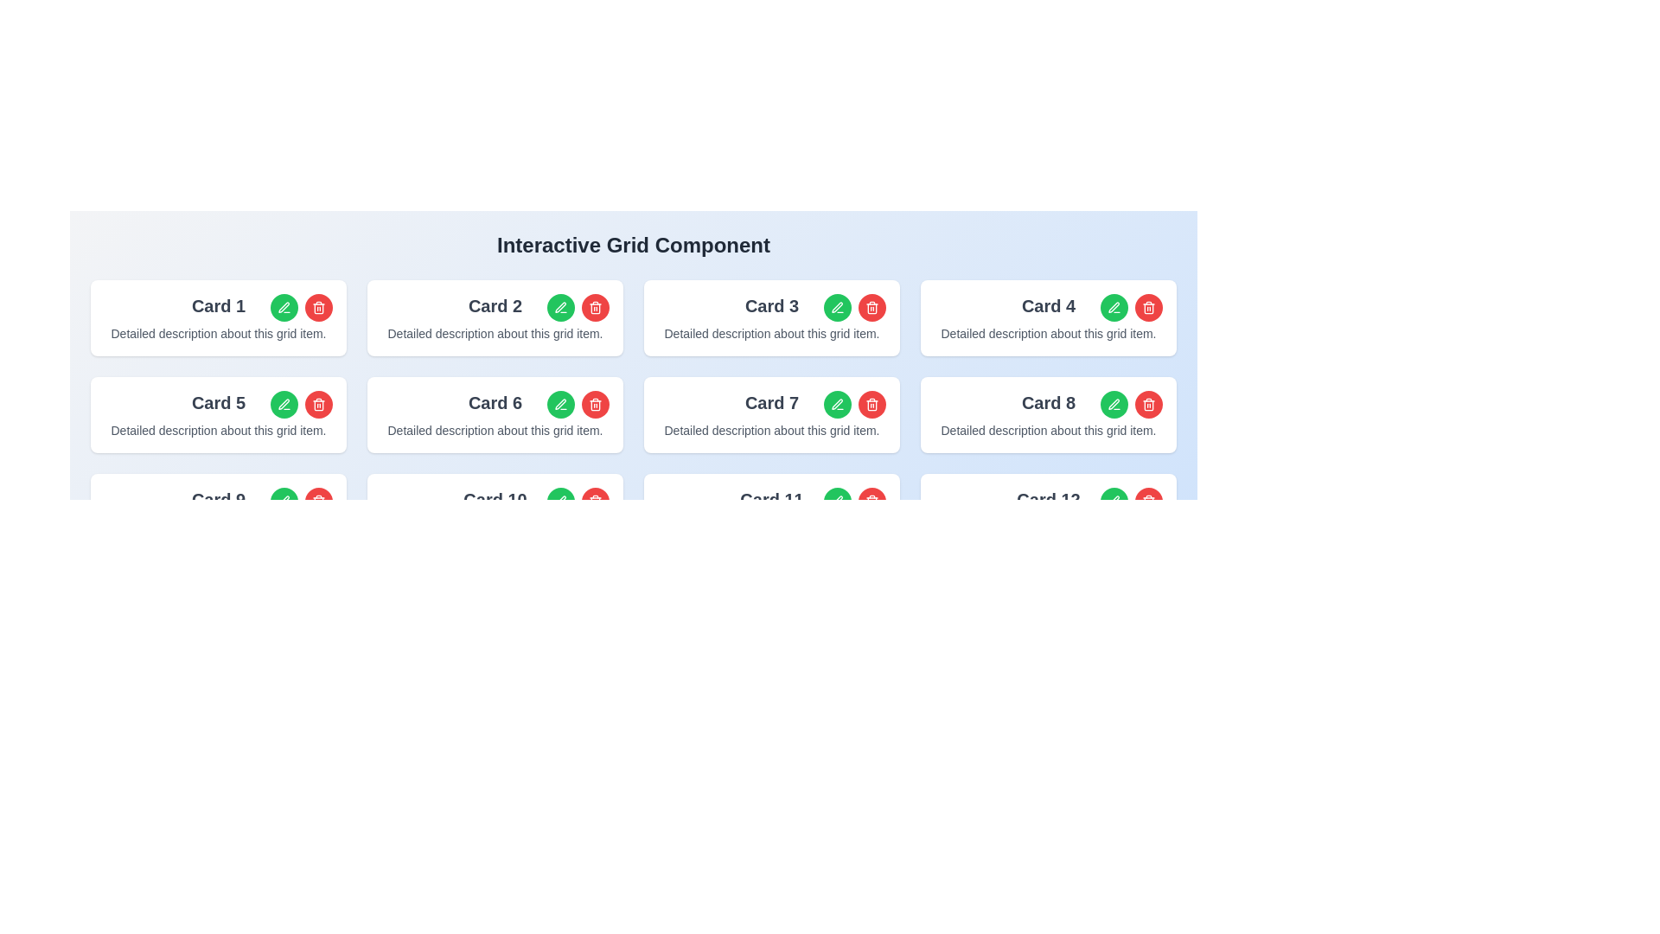  Describe the element at coordinates (284, 404) in the screenshot. I see `the Pen/Pencil icon located in the top-right portion of 'Card 5', which is slightly to the left of the trash icon` at that location.